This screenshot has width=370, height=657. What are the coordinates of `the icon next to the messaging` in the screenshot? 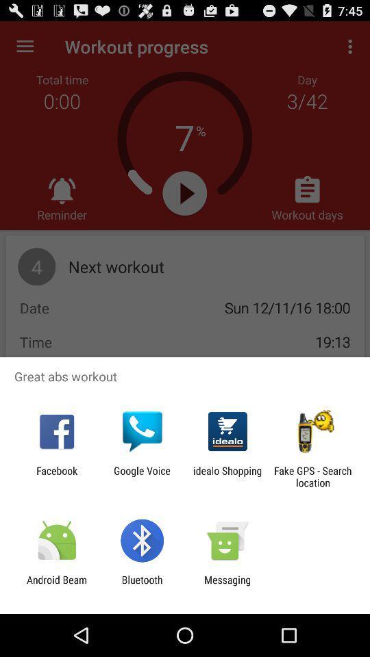 It's located at (141, 585).